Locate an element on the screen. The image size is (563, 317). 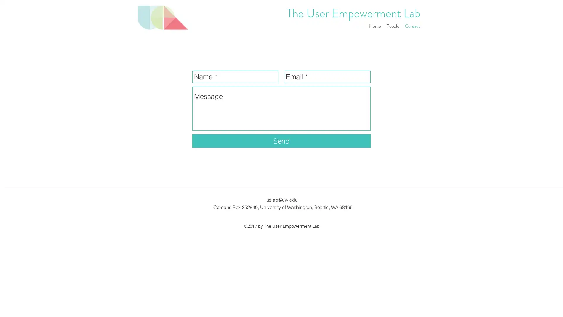
Send is located at coordinates (281, 141).